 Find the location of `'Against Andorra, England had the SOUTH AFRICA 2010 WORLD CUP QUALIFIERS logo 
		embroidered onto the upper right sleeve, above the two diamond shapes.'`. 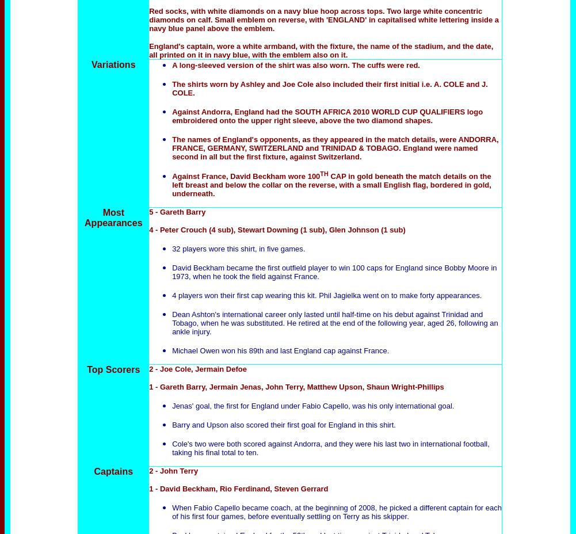

'Against Andorra, England had the SOUTH AFRICA 2010 WORLD CUP QUALIFIERS logo 
		embroidered onto the upper right sleeve, above the two diamond shapes.' is located at coordinates (326, 116).